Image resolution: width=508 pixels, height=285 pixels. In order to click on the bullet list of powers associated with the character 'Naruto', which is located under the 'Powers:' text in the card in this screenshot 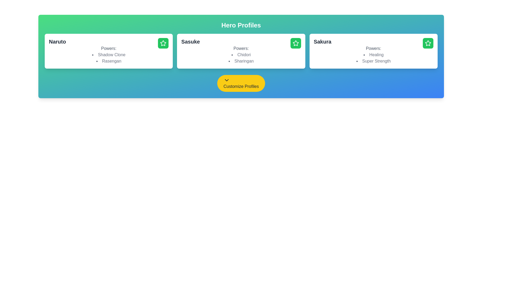, I will do `click(108, 58)`.